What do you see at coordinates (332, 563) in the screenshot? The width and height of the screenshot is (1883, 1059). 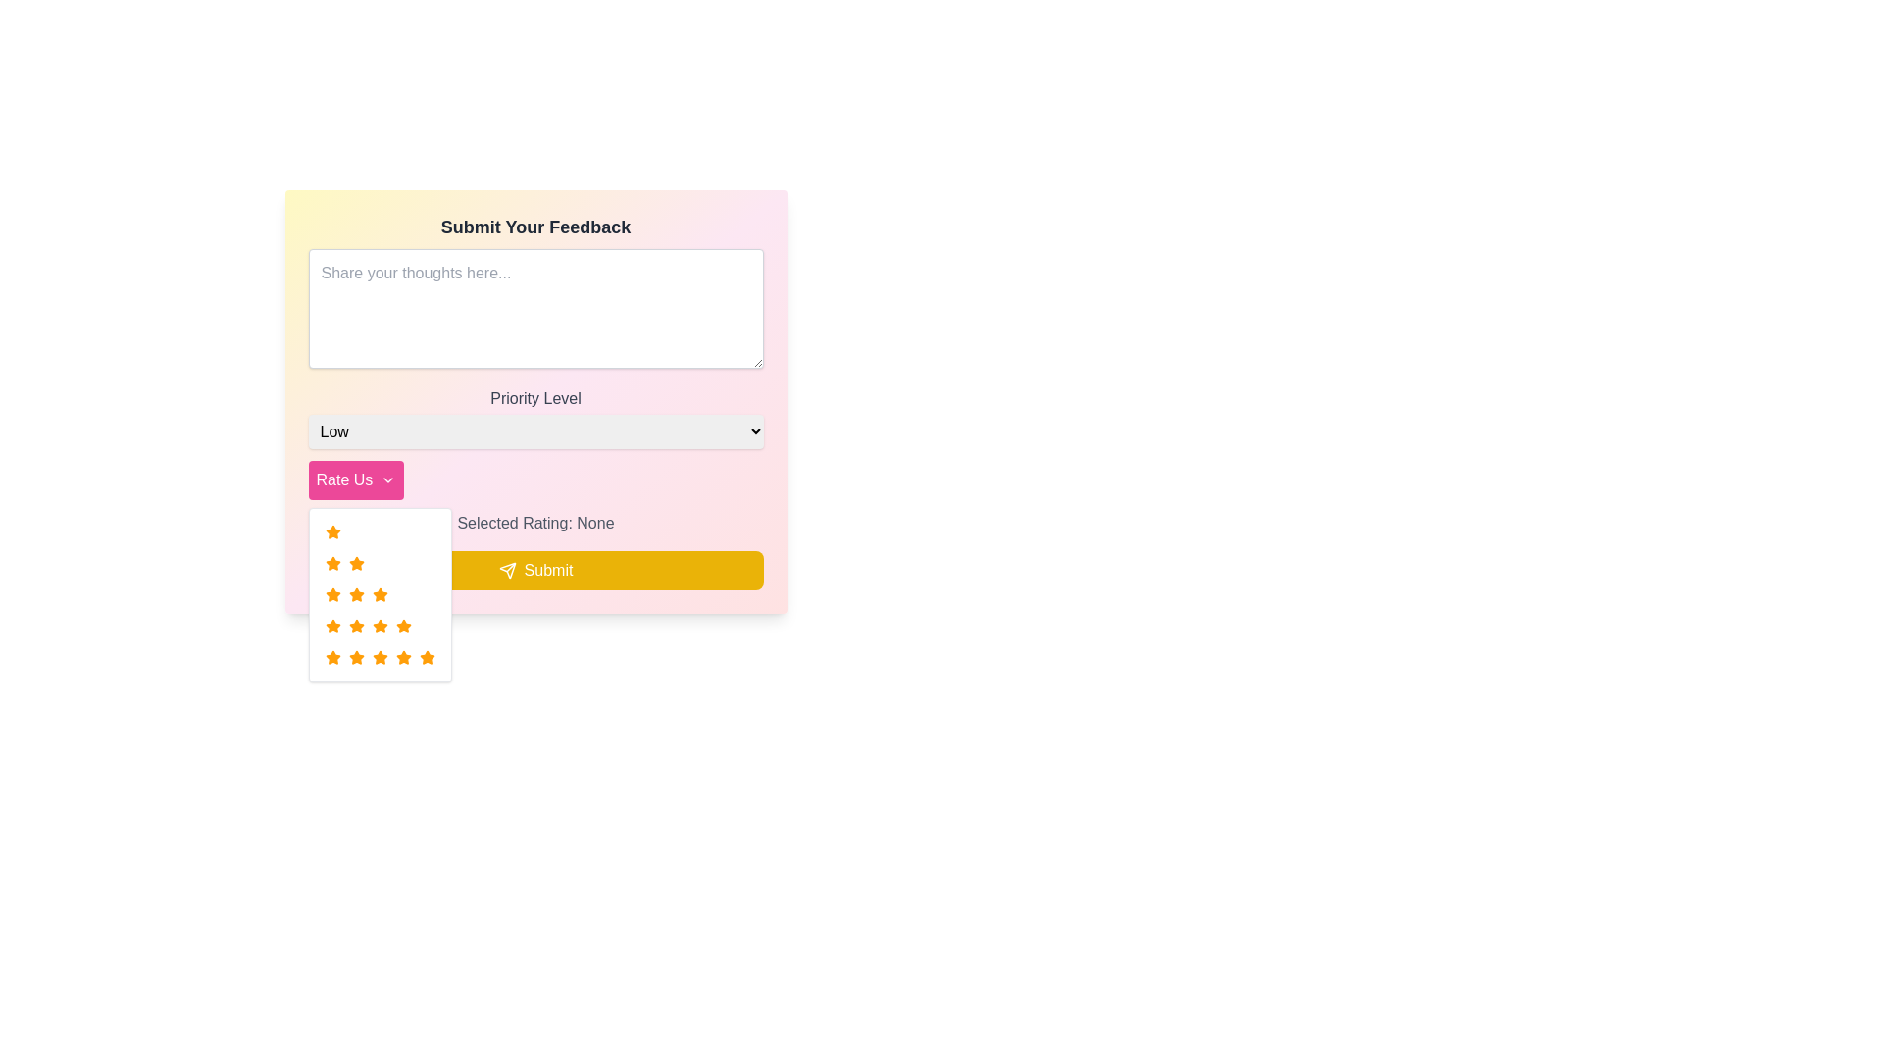 I see `the star icon in the first row and first column of the star rating grid` at bounding box center [332, 563].